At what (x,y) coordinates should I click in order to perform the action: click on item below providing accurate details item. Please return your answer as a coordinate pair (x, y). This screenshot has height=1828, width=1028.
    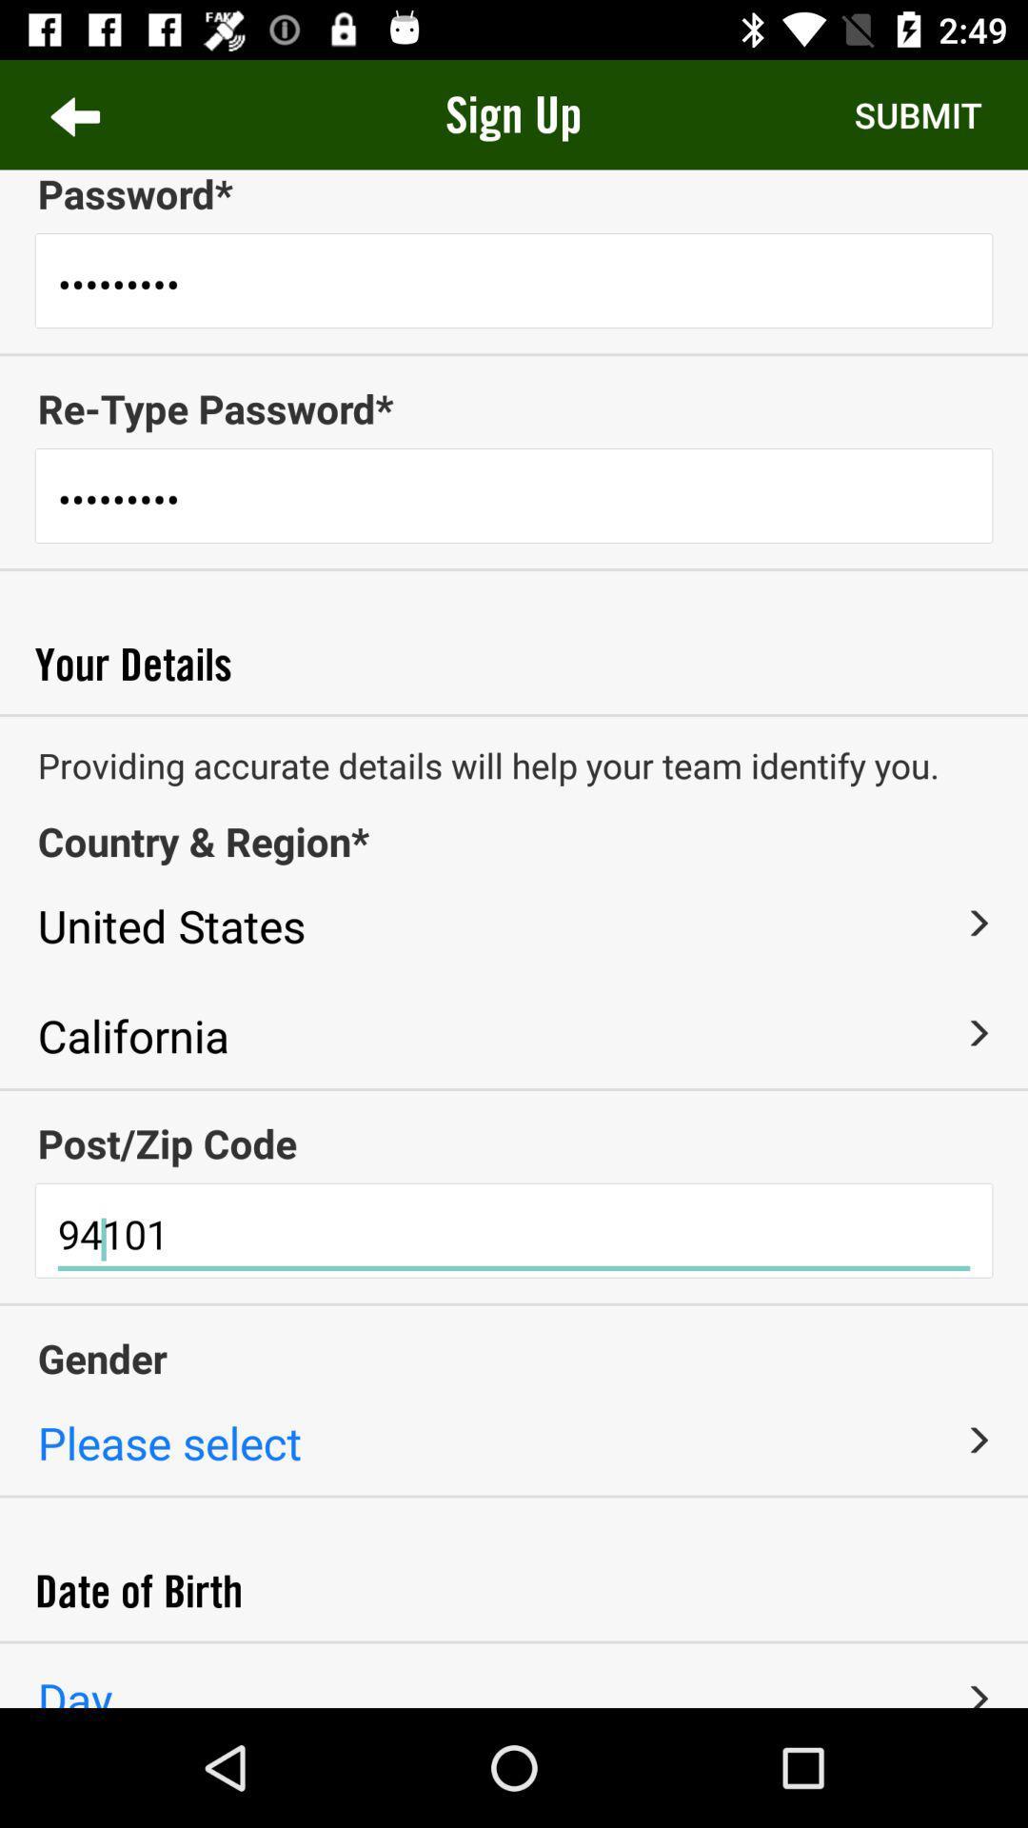
    Looking at the image, I should click on (514, 840).